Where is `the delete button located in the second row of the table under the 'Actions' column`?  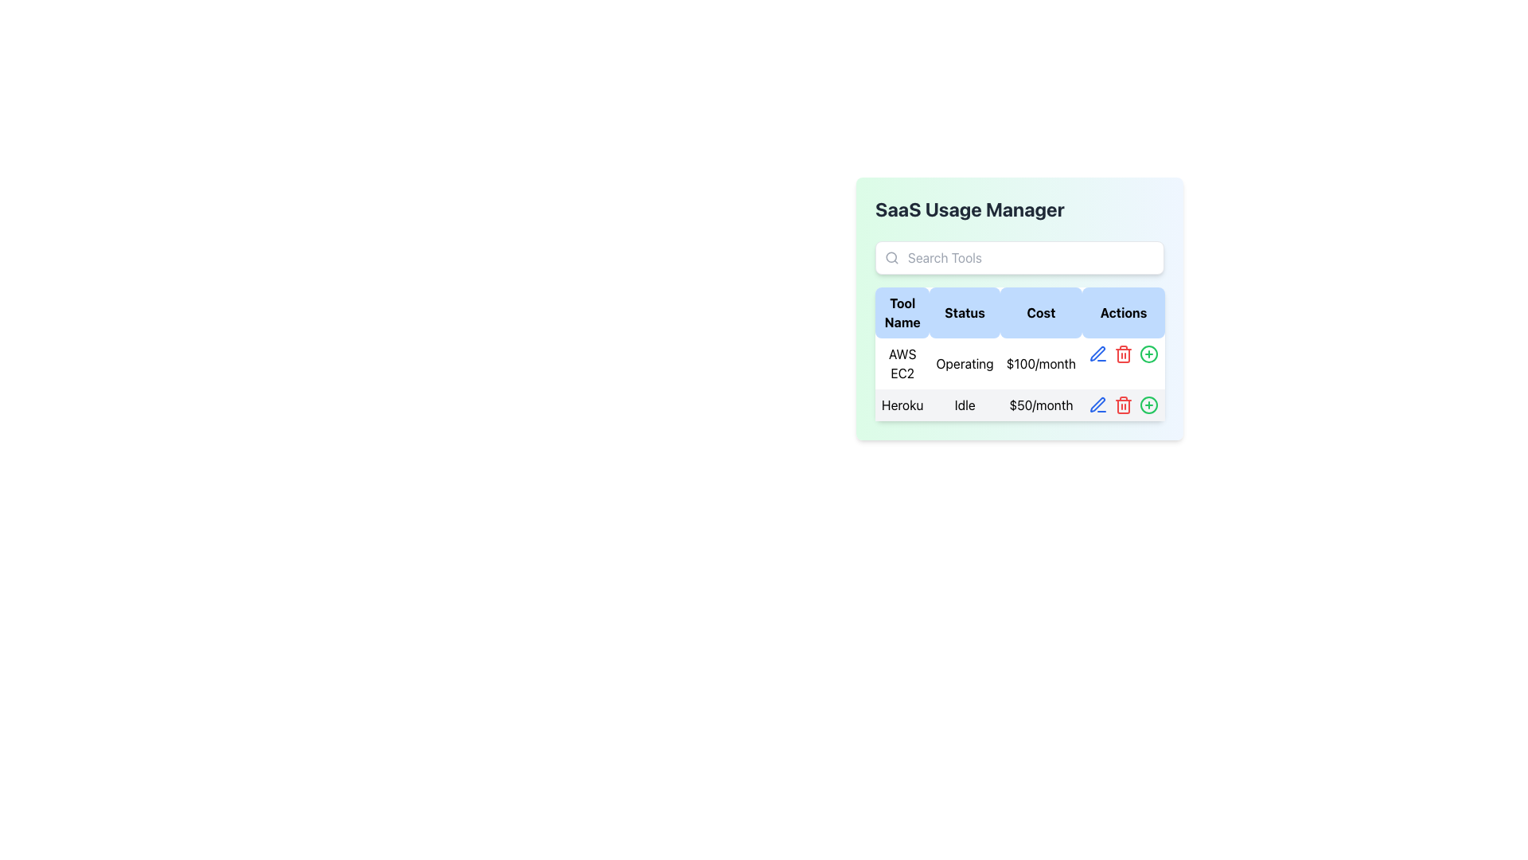
the delete button located in the second row of the table under the 'Actions' column is located at coordinates (1122, 405).